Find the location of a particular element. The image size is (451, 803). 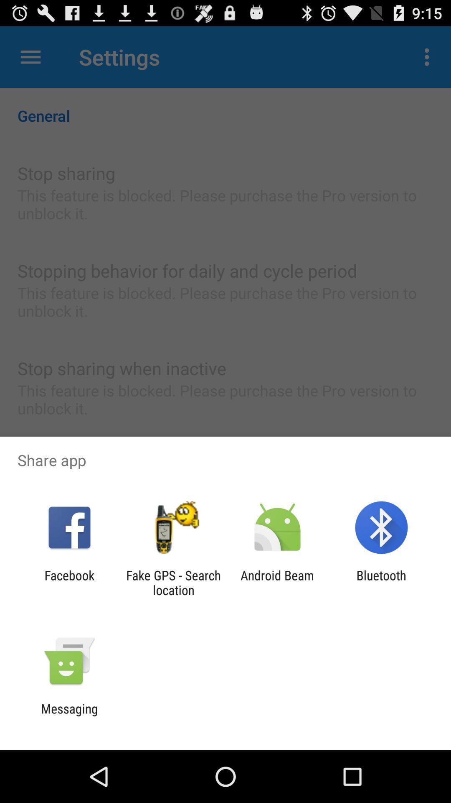

android beam app is located at coordinates (277, 582).